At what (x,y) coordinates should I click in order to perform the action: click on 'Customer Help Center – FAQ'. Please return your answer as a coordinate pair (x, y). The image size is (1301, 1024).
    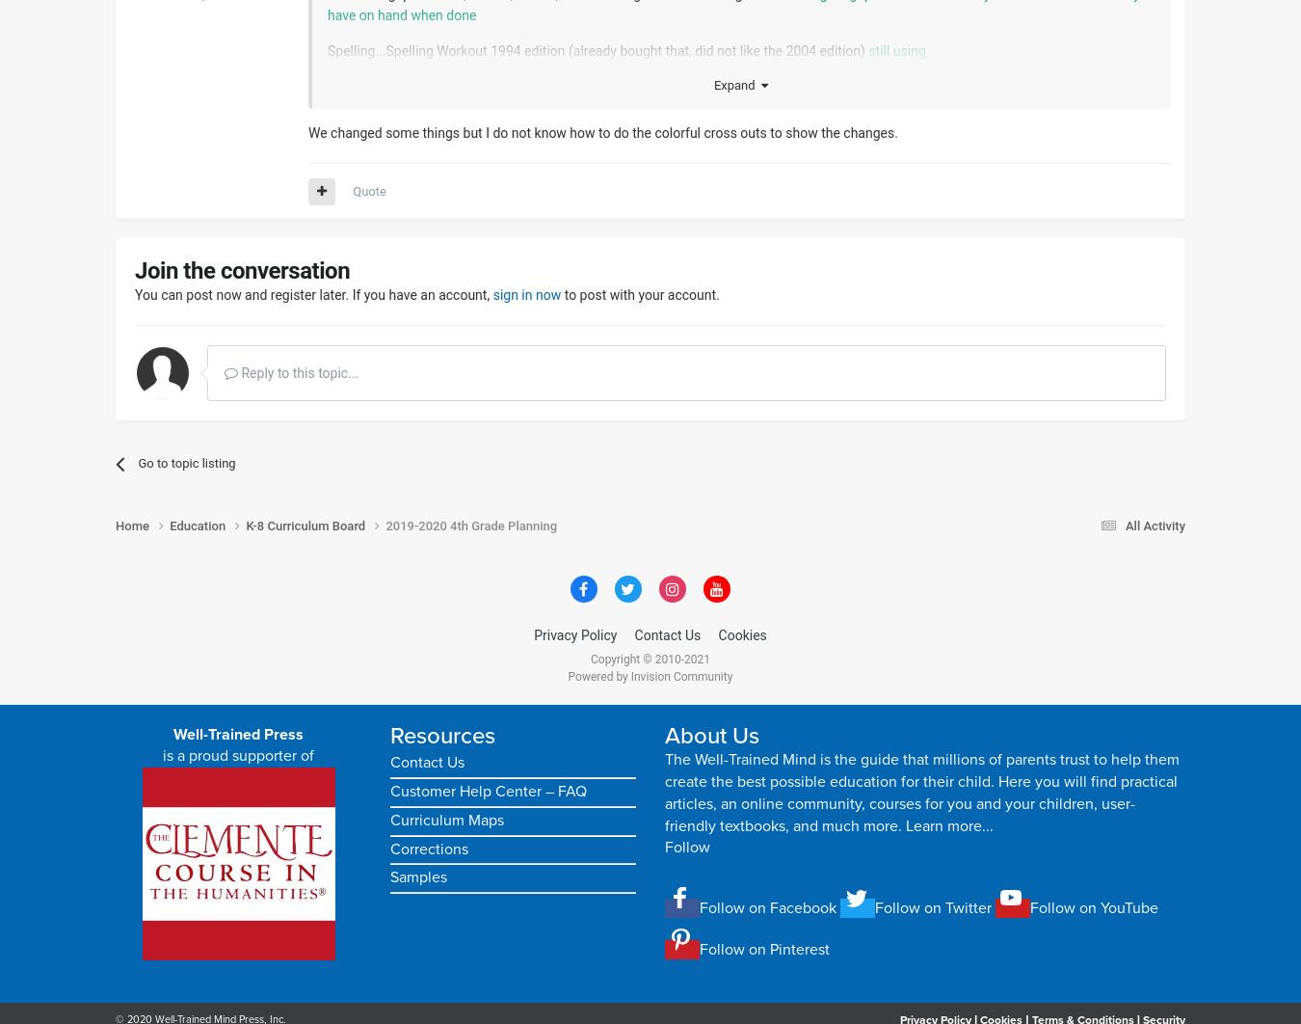
    Looking at the image, I should click on (390, 789).